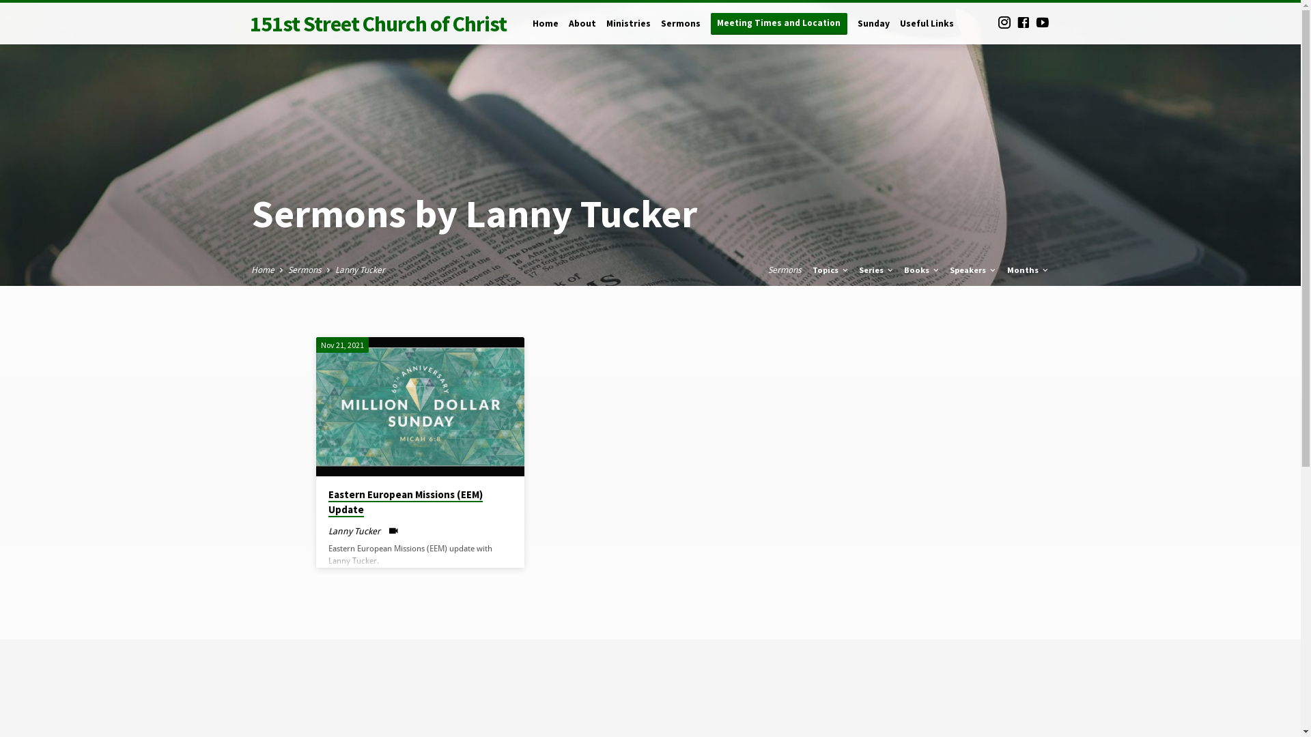 This screenshot has height=737, width=1311. Describe the element at coordinates (877, 270) in the screenshot. I see `'Series'` at that location.